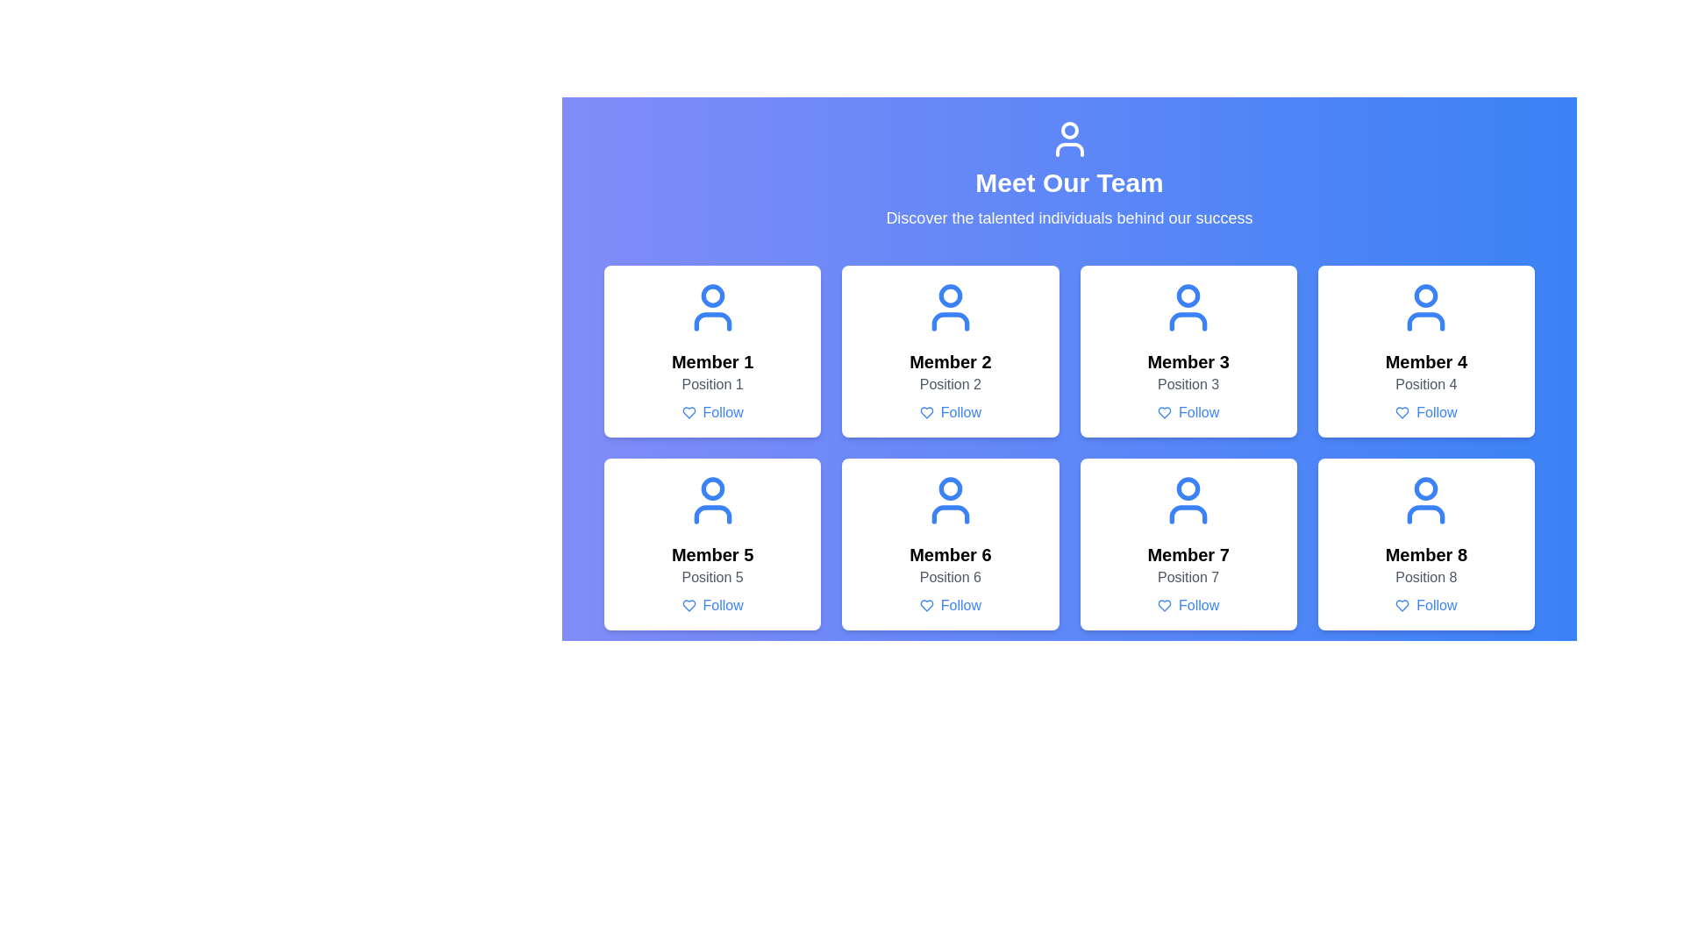 The width and height of the screenshot is (1684, 947). I want to click on the blue user profile icon located within the card labeled 'Member 7', which is centered above the text elements 'Position 7' and 'Follow', so click(1188, 500).